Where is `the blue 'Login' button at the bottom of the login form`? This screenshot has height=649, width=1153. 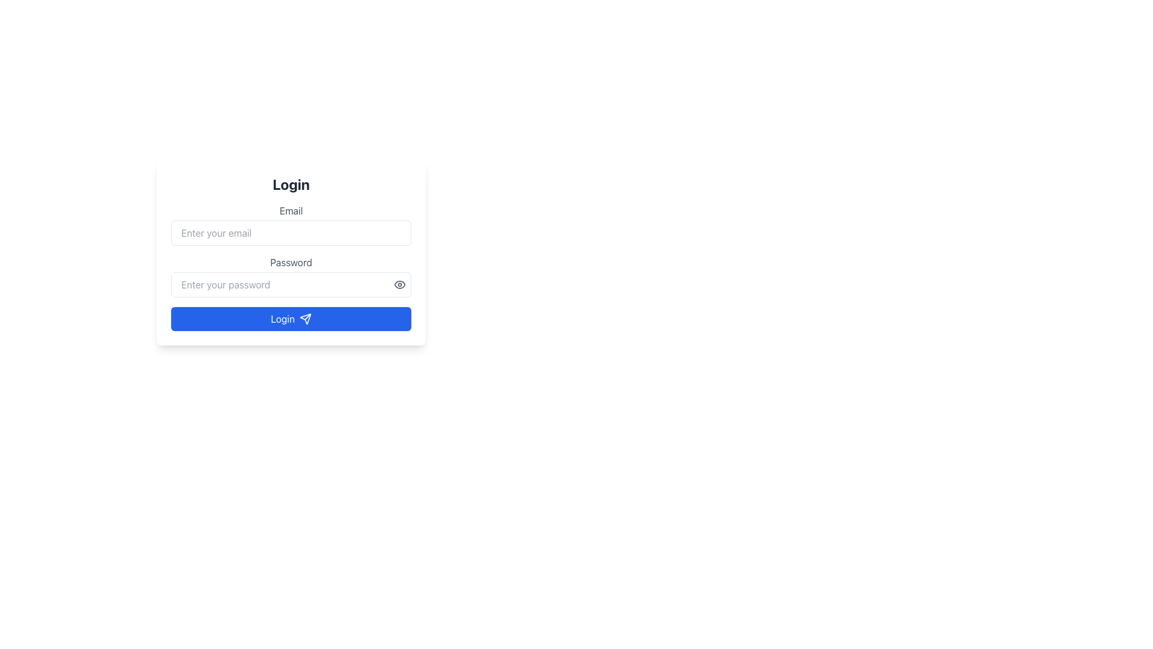 the blue 'Login' button at the bottom of the login form is located at coordinates (409, 300).